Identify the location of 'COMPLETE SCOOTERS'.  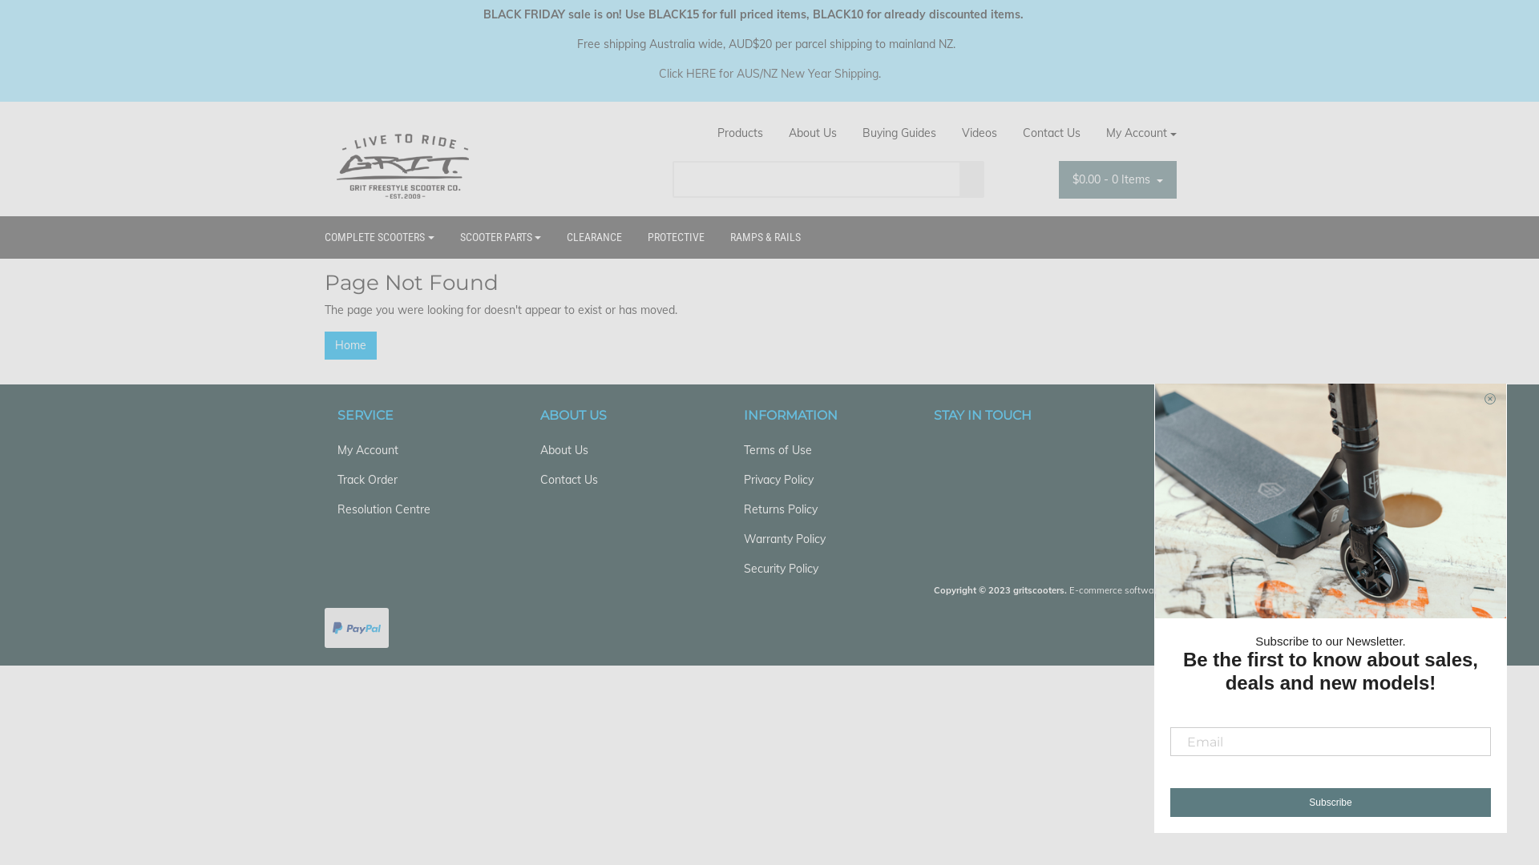
(386, 237).